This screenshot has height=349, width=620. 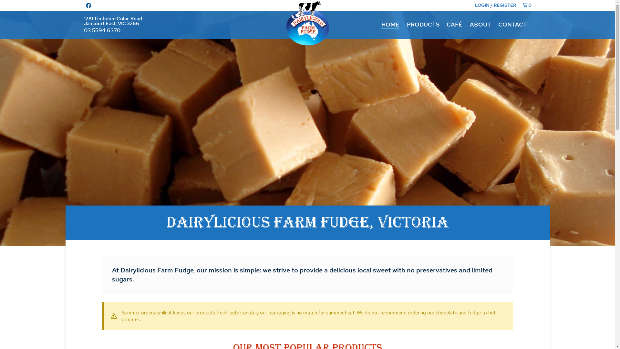 What do you see at coordinates (390, 24) in the screenshot?
I see `'HOME'` at bounding box center [390, 24].